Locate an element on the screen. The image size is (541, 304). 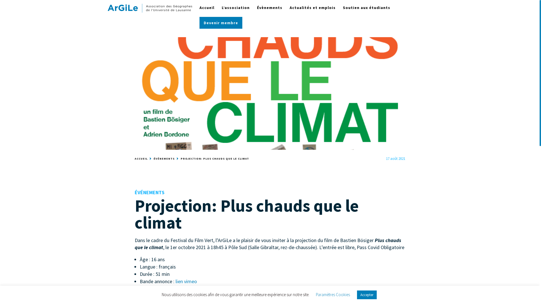
'lien vimeo' is located at coordinates (186, 281).